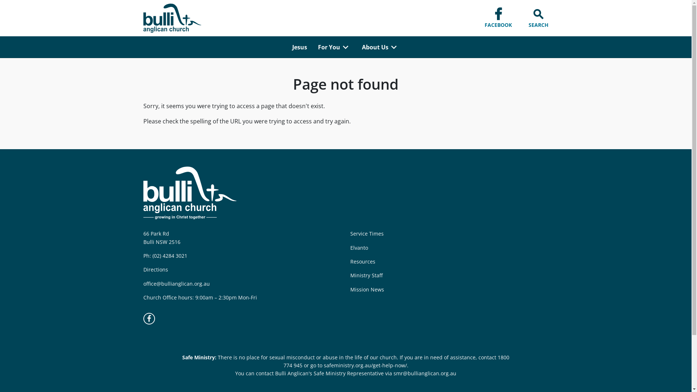 This screenshot has height=392, width=697. I want to click on 'Resources', so click(362, 261).